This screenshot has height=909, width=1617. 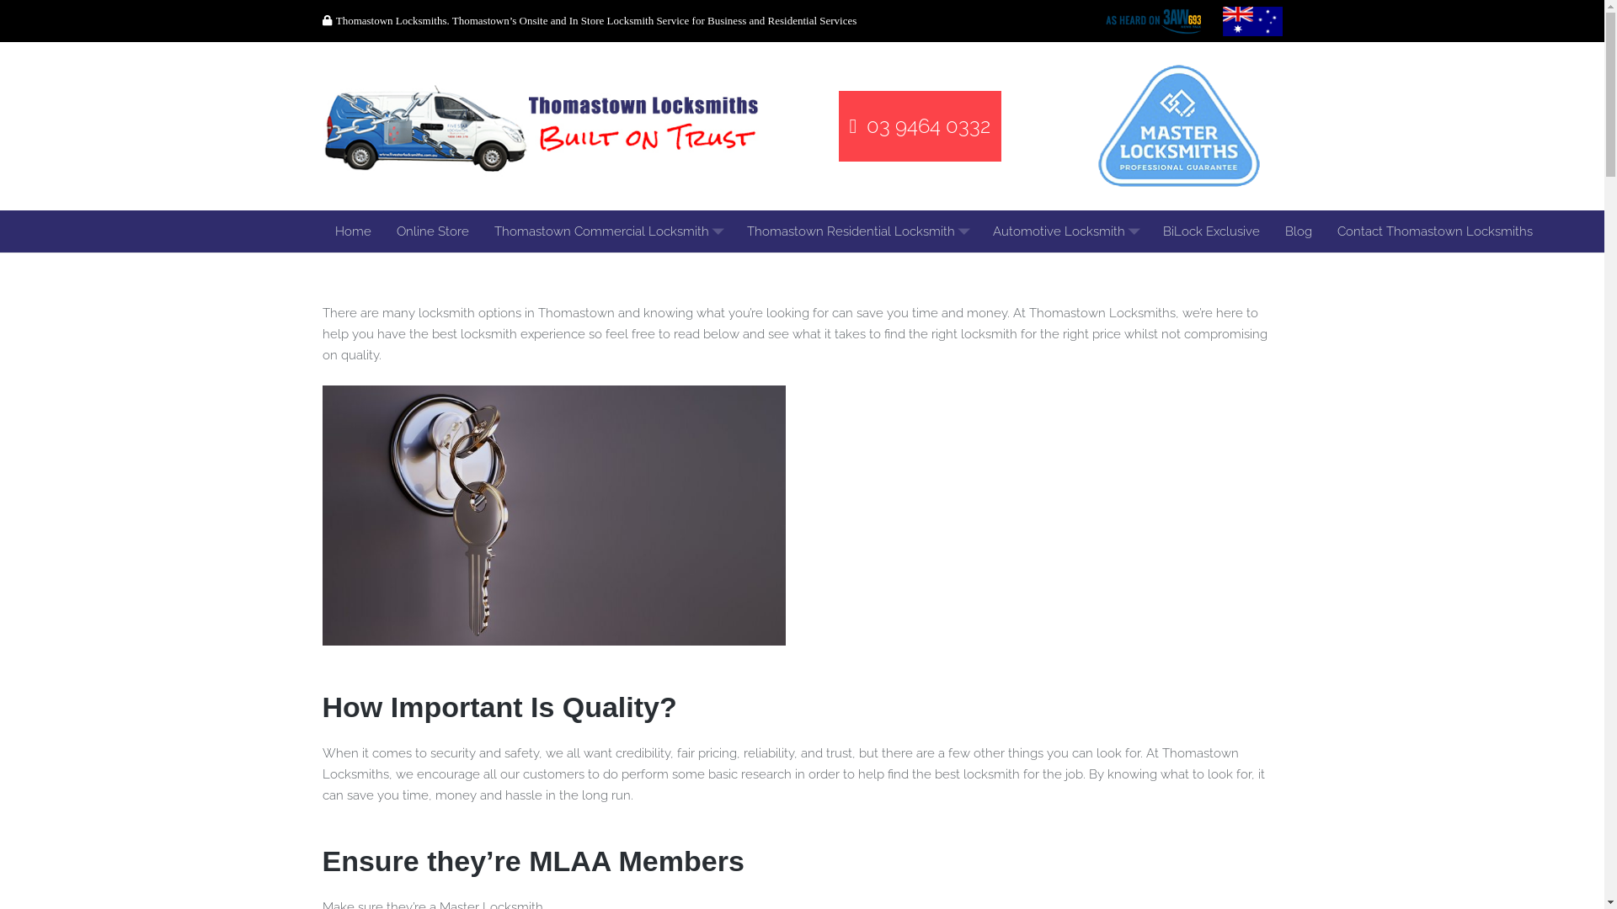 I want to click on '03 9464 0332', so click(x=920, y=125).